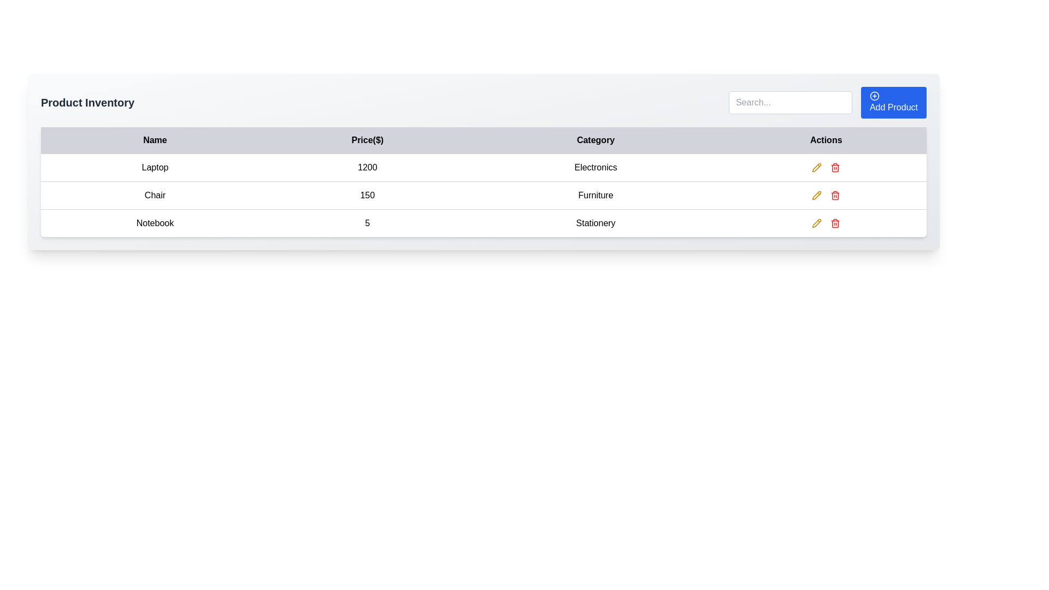  What do you see at coordinates (874, 96) in the screenshot?
I see `the SVG Circle Component, which is a white circle with a thin outline, part of a plus sign icon located to the left of the 'Add Product' button in the top-right corner of the interface` at bounding box center [874, 96].